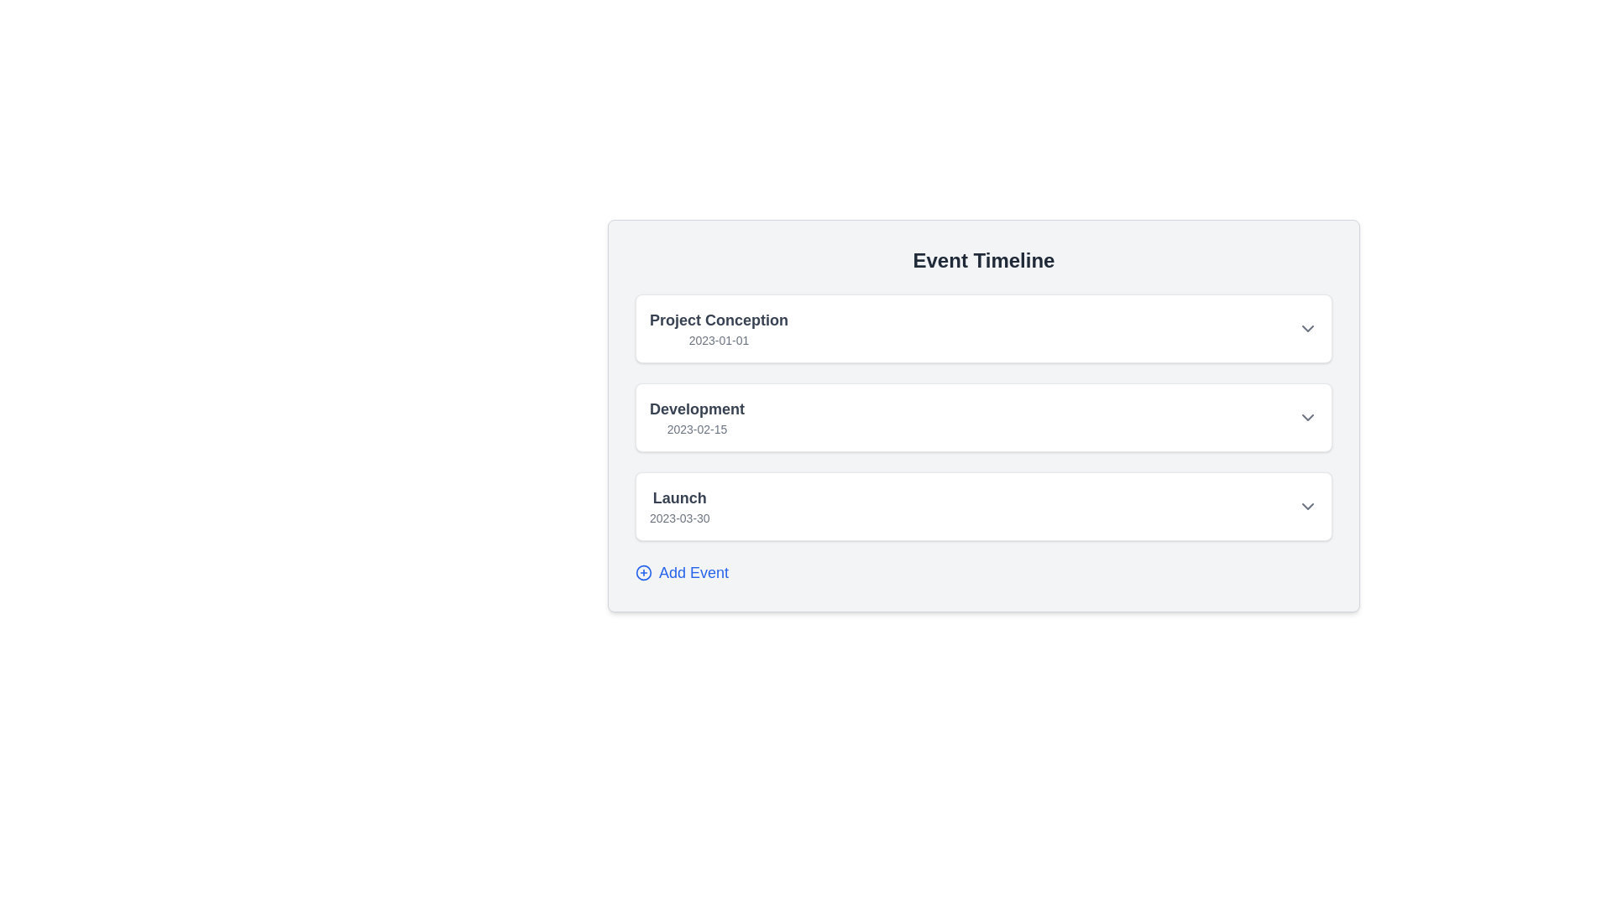 Image resolution: width=1612 pixels, height=906 pixels. I want to click on the text element displaying 'Project Conception' in a large, bold gray font located at the top-left corner of the first event block in the timeline, so click(719, 320).